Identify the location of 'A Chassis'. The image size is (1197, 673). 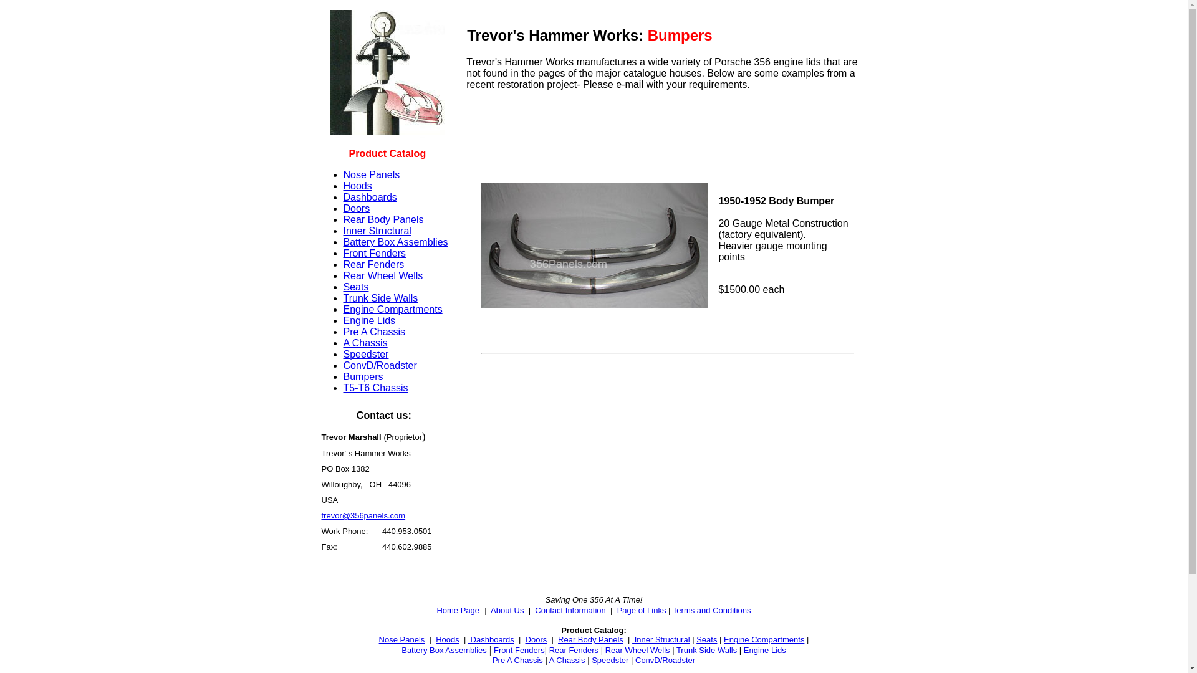
(567, 659).